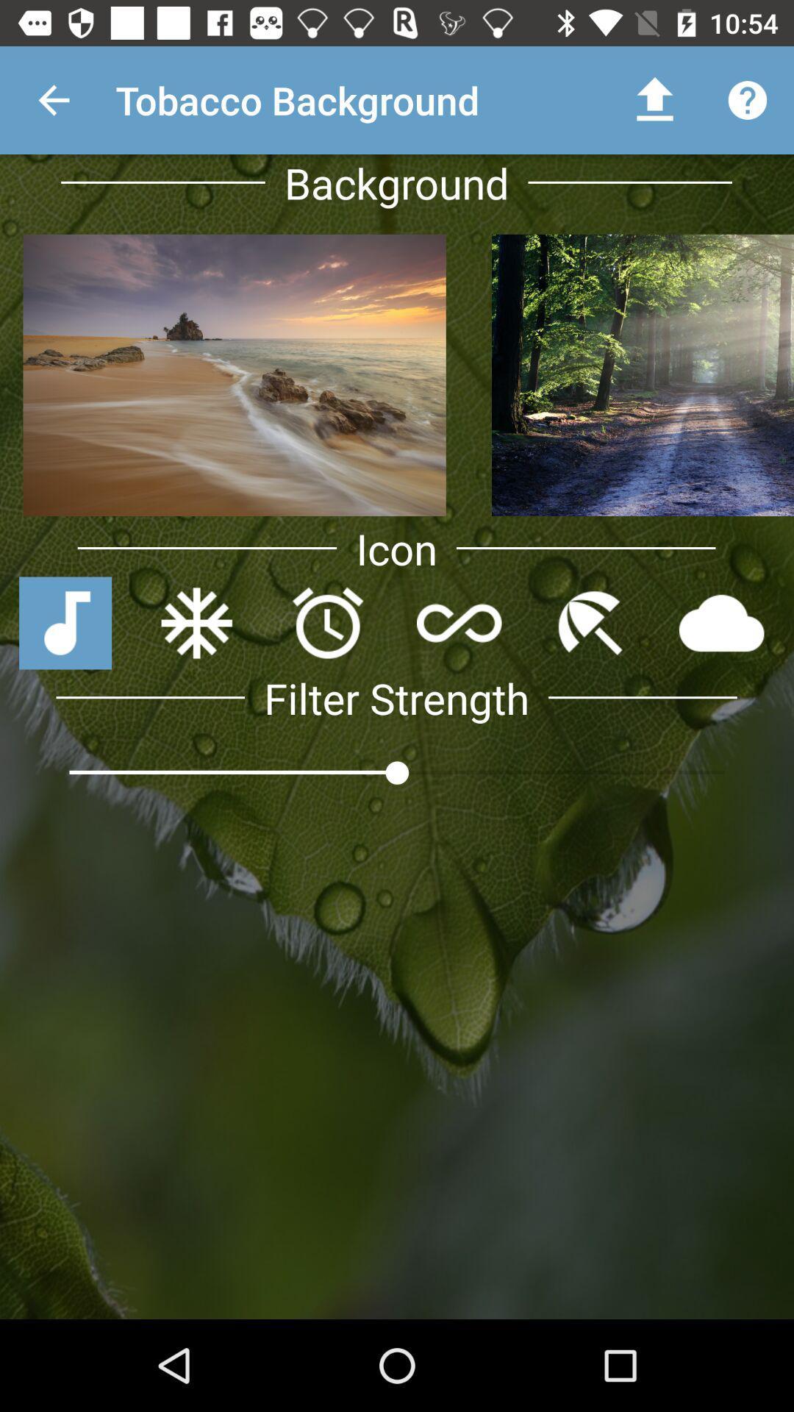 This screenshot has width=794, height=1412. Describe the element at coordinates (721, 624) in the screenshot. I see `the cloud icon which is on the right side below the image` at that location.